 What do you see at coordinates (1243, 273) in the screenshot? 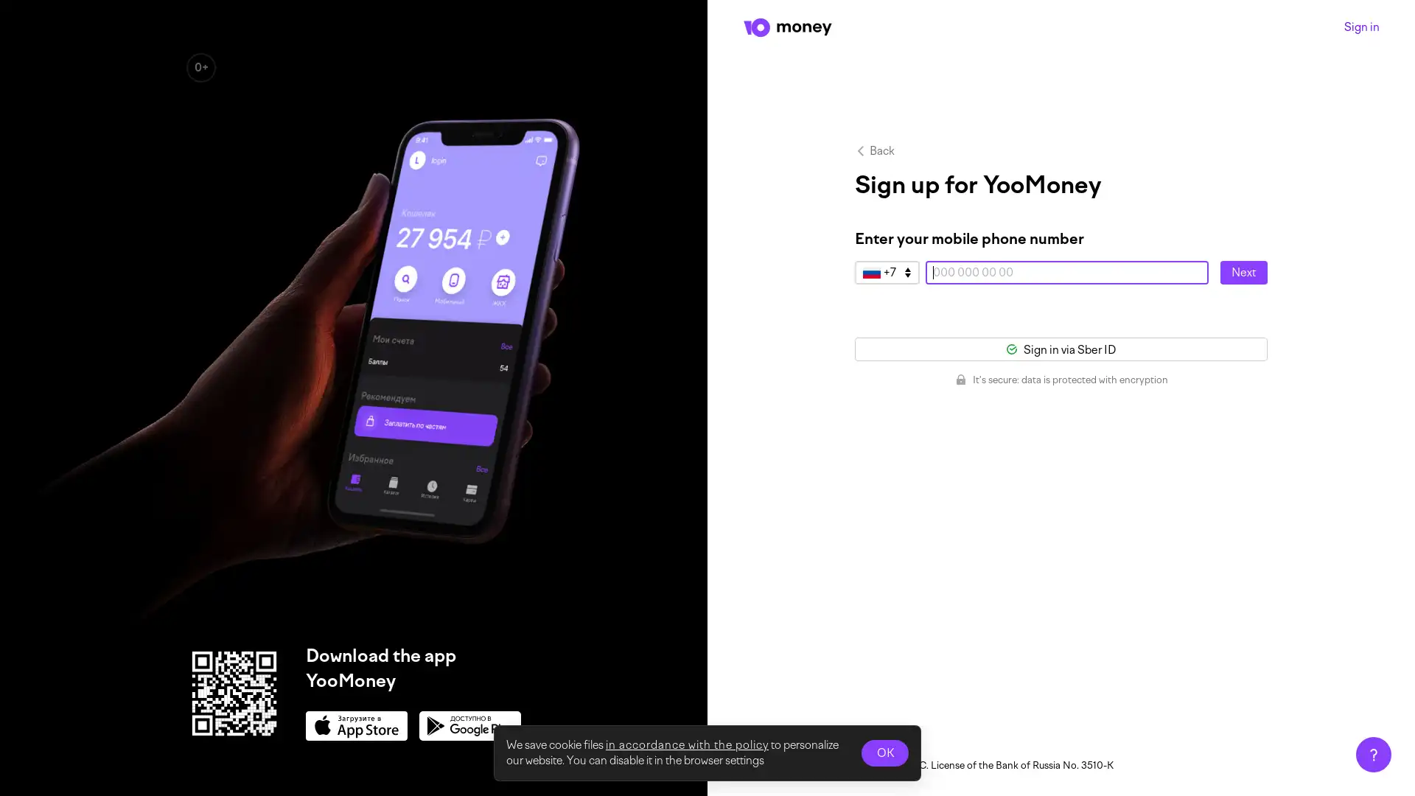
I see `Next` at bounding box center [1243, 273].